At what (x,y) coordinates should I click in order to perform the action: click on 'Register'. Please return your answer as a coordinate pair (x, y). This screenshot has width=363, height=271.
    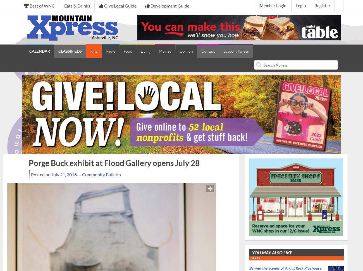
    Looking at the image, I should click on (322, 6).